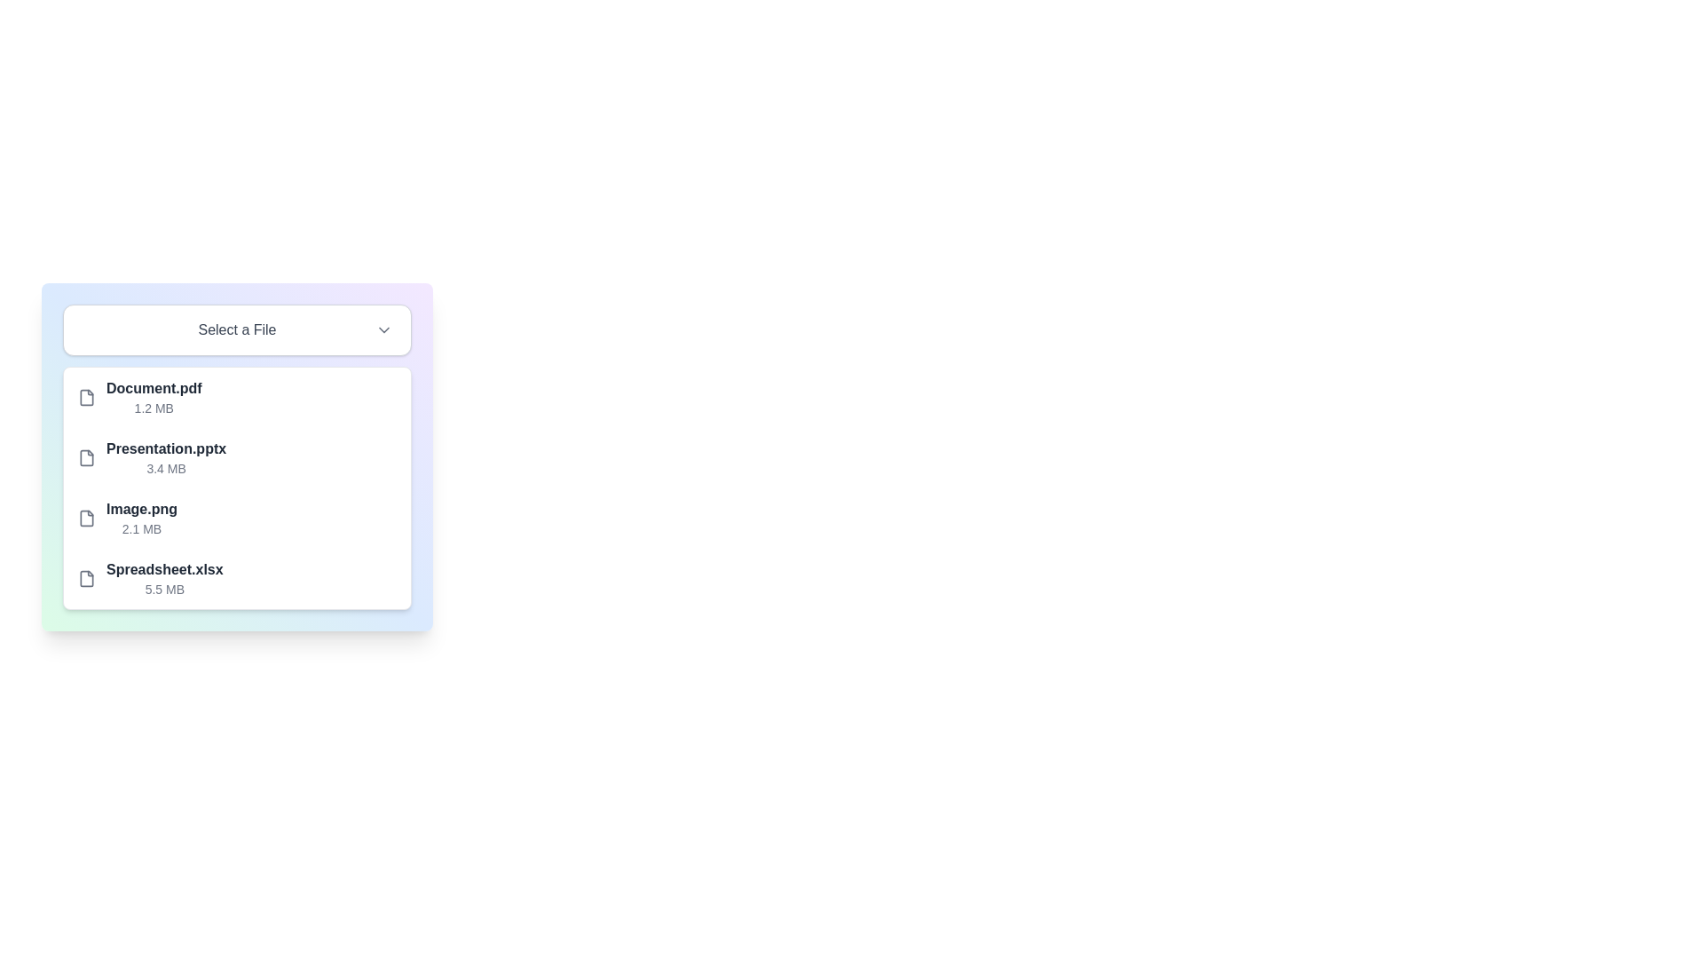 The height and width of the screenshot is (959, 1704). Describe the element at coordinates (154, 388) in the screenshot. I see `text label 'Document.pdf' at the top of the file list to identify the file` at that location.